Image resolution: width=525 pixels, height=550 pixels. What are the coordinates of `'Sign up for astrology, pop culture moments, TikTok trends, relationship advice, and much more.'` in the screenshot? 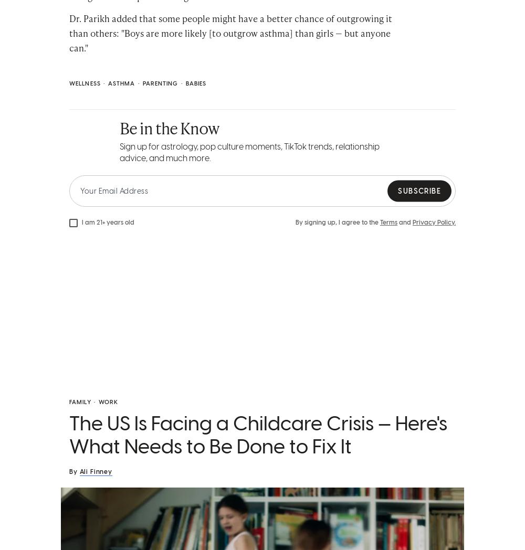 It's located at (249, 152).